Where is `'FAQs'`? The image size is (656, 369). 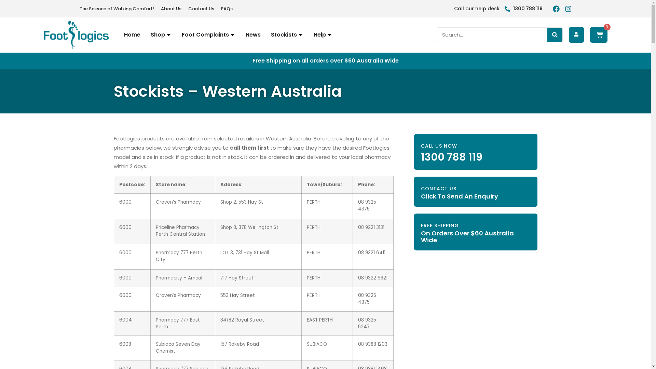
'FAQs' is located at coordinates (226, 9).